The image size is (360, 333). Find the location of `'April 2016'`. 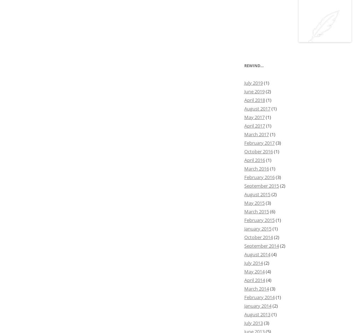

'April 2016' is located at coordinates (254, 159).